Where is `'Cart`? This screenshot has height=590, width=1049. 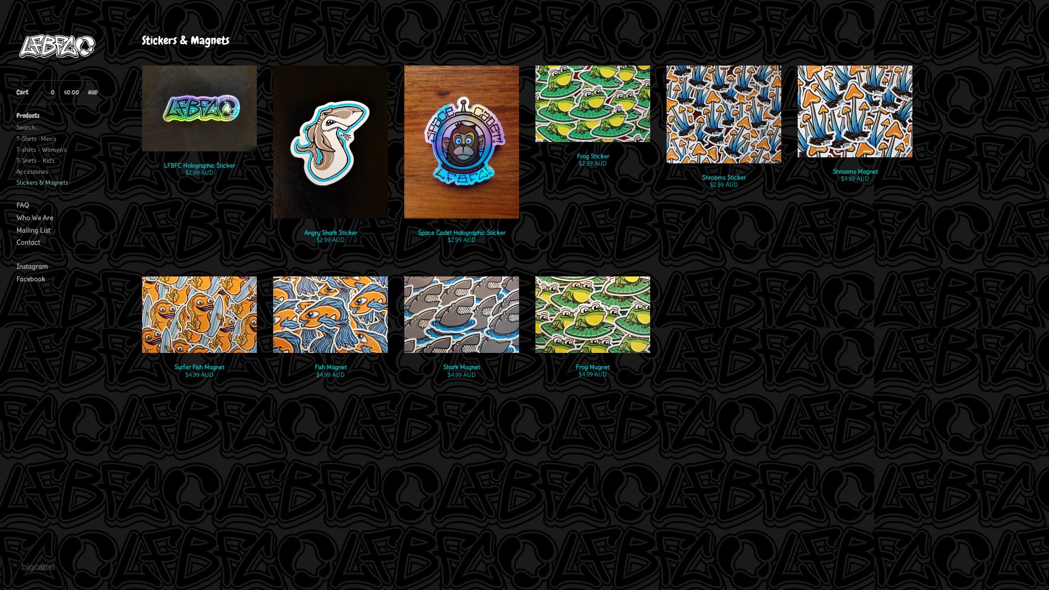 'Cart is located at coordinates (16, 92).